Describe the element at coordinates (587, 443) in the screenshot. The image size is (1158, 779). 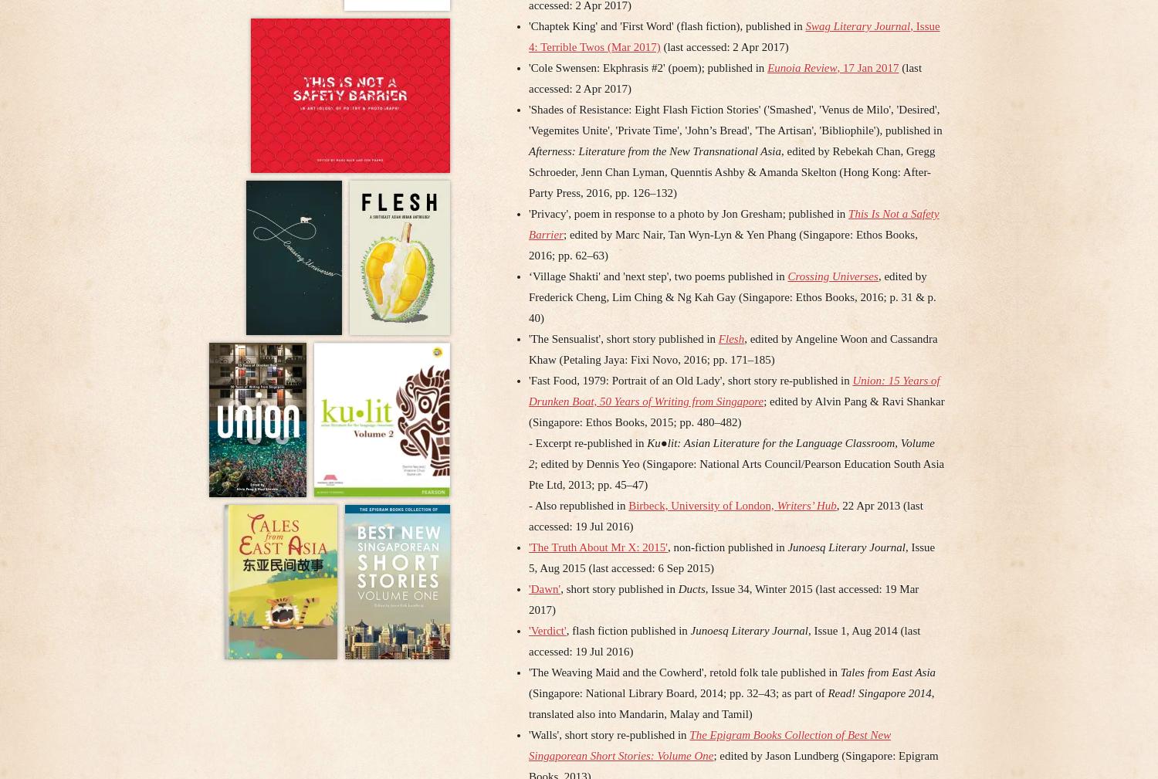
I see `'- Excerpt re-published in'` at that location.